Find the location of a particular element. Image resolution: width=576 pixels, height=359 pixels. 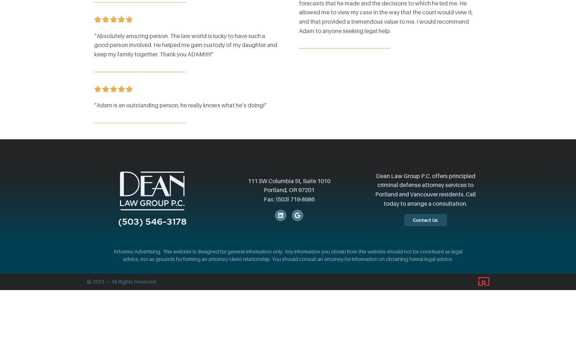

'Portland, OR 97201' is located at coordinates (263, 190).